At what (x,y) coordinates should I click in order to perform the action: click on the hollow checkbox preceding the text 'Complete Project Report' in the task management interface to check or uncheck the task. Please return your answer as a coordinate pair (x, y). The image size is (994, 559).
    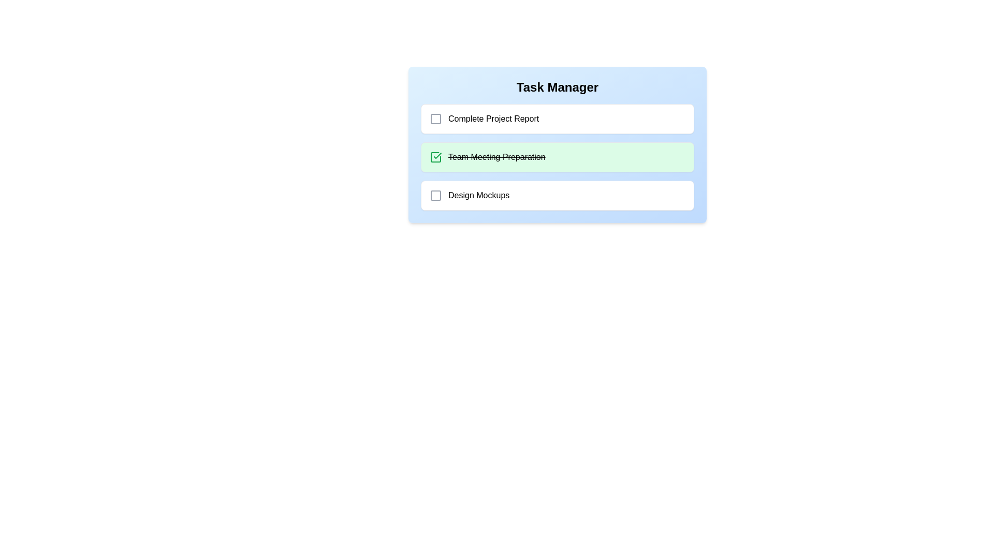
    Looking at the image, I should click on (435, 119).